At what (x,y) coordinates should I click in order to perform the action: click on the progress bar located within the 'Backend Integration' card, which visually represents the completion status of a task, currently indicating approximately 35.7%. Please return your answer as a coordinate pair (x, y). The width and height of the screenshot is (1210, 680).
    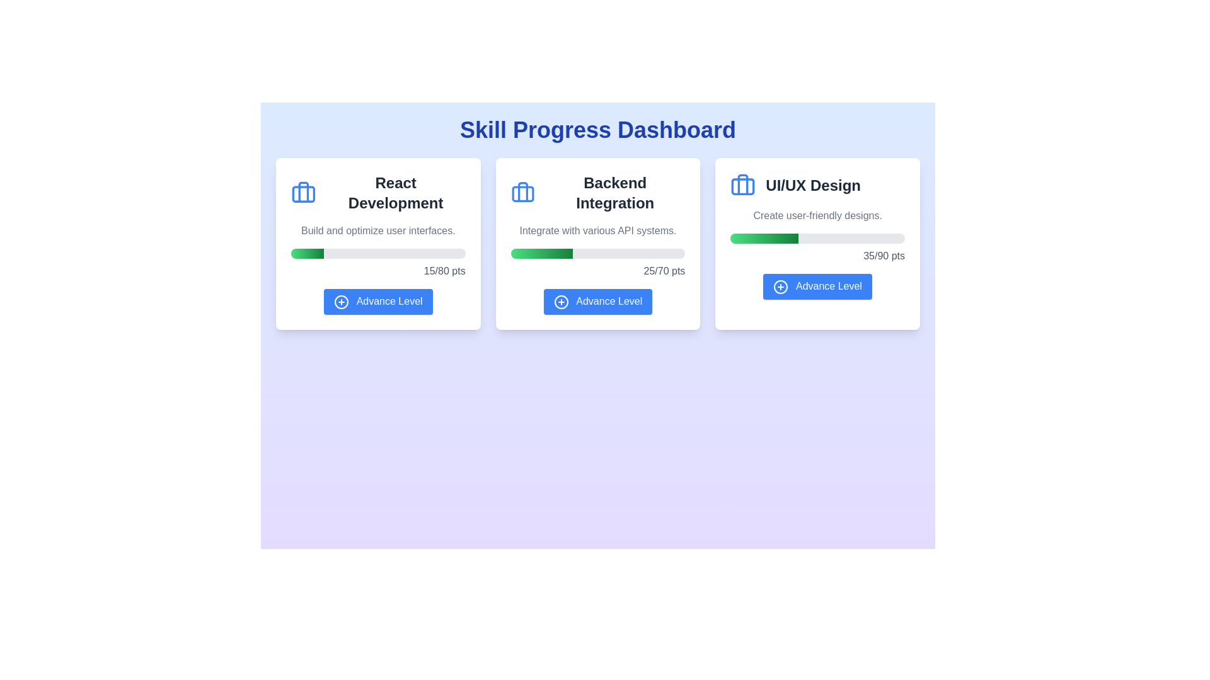
    Looking at the image, I should click on (597, 253).